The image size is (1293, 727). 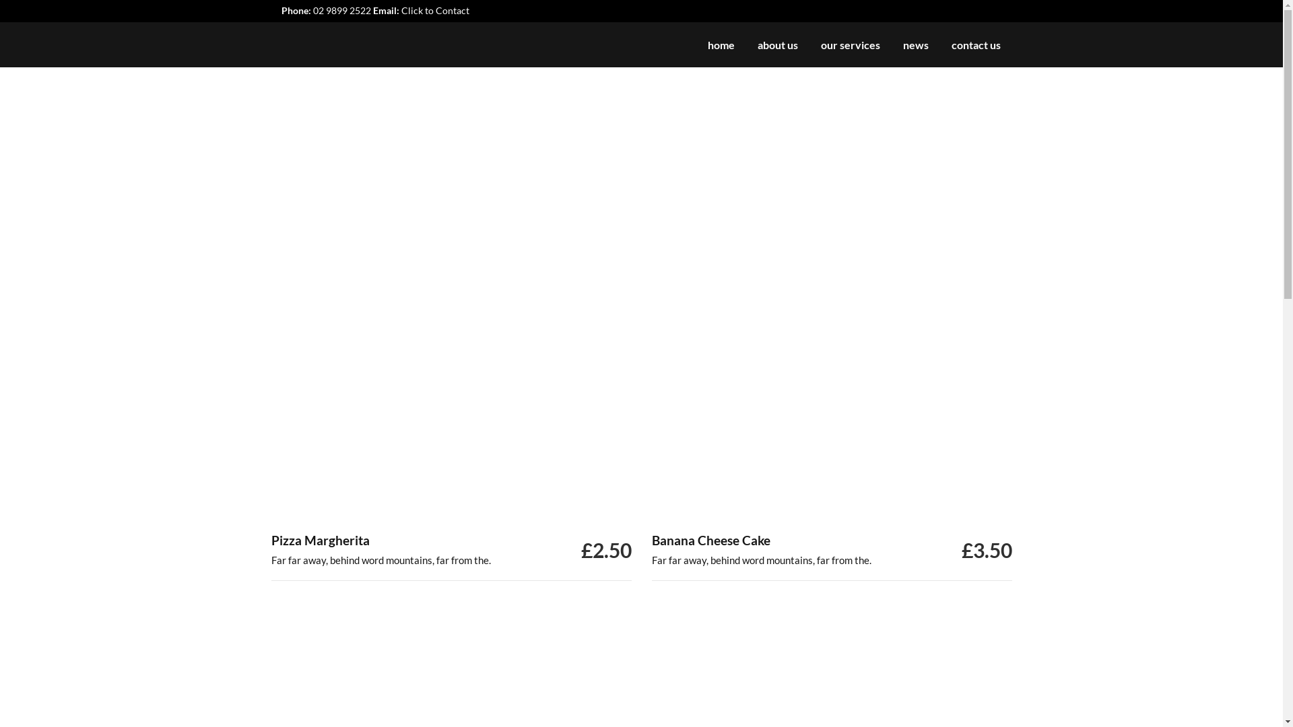 What do you see at coordinates (341, 10) in the screenshot?
I see `'02 9899 2522'` at bounding box center [341, 10].